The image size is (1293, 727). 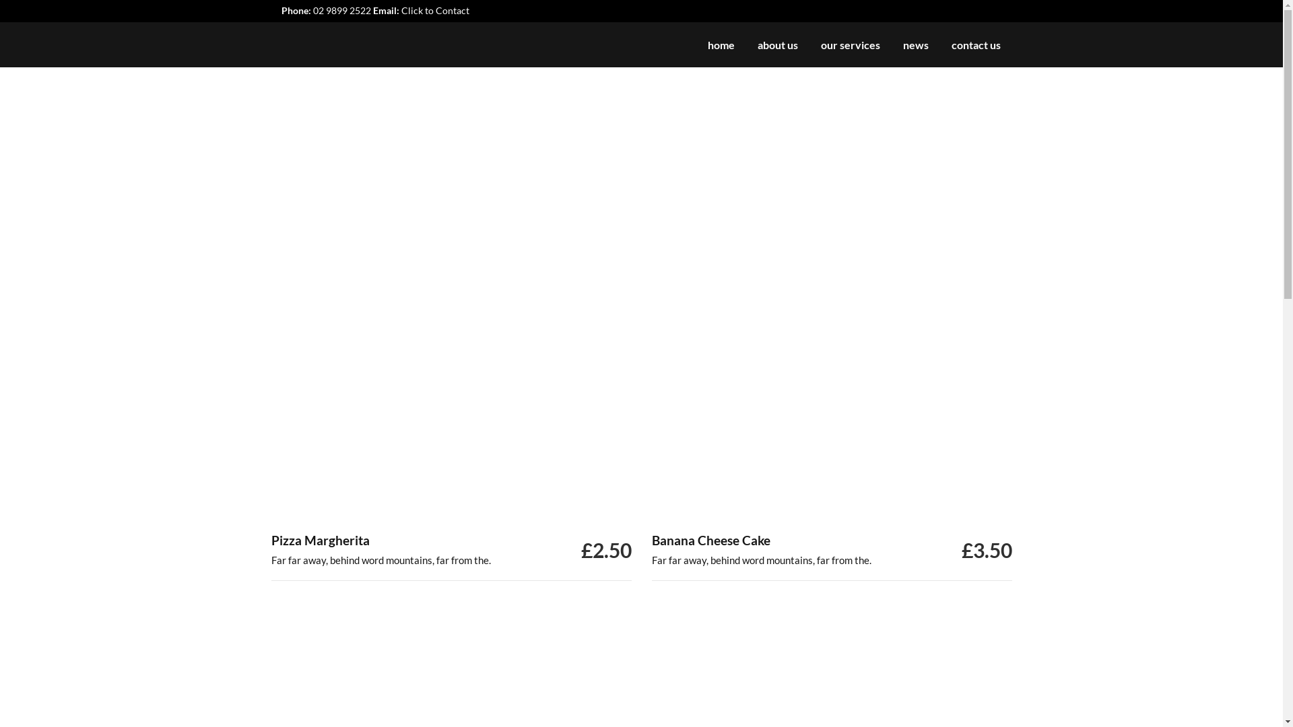 What do you see at coordinates (341, 10) in the screenshot?
I see `'02 9899 2522'` at bounding box center [341, 10].